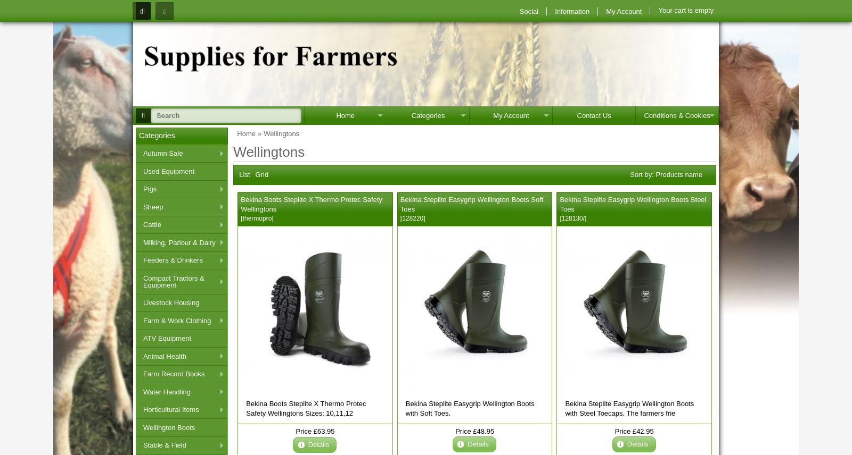 Image resolution: width=852 pixels, height=455 pixels. Describe the element at coordinates (143, 259) in the screenshot. I see `'Feeders & Drinkers'` at that location.